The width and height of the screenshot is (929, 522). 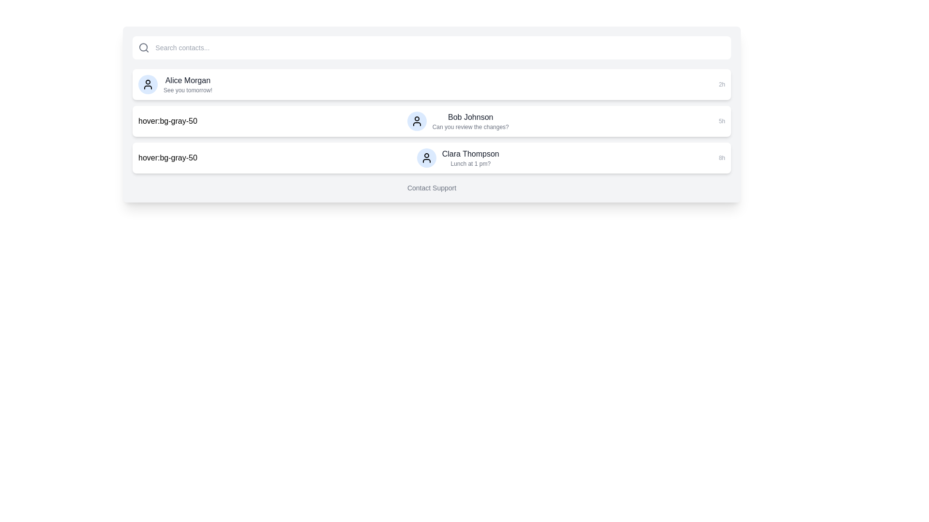 I want to click on the user profile icon resembling a silhouette, which is located next to the name 'Bob Johnson' on the second contact card in the list, so click(x=417, y=120).